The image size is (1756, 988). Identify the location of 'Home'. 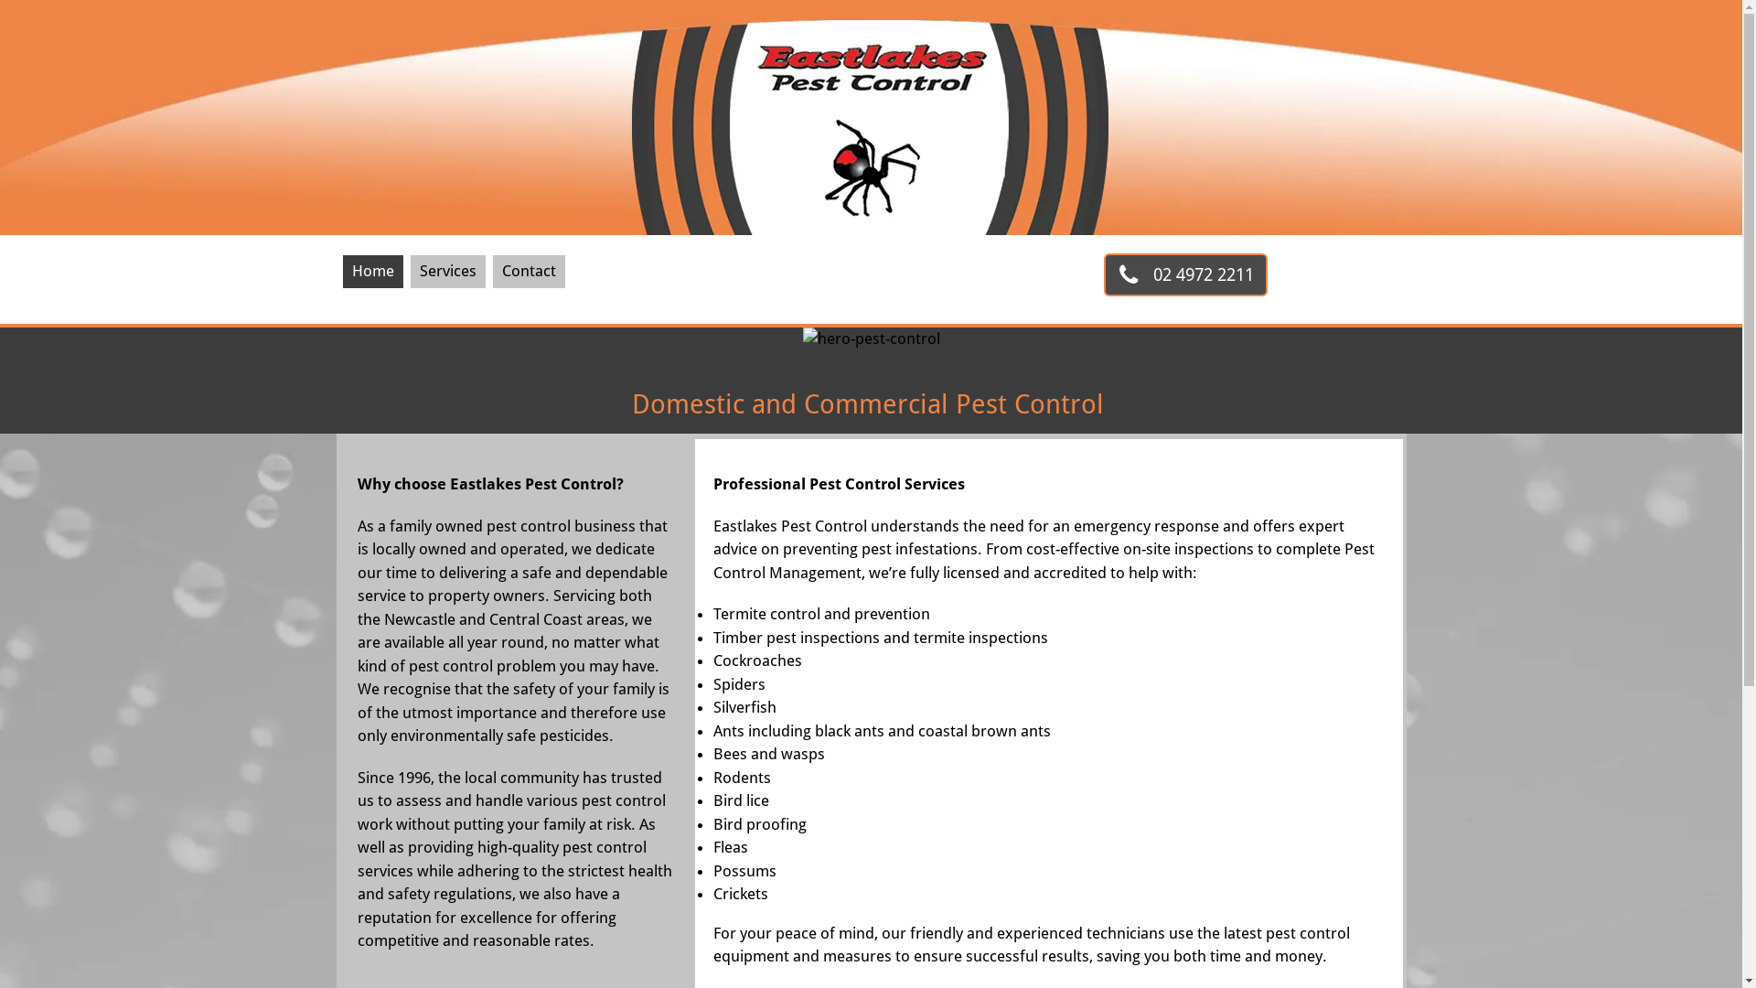
(342, 272).